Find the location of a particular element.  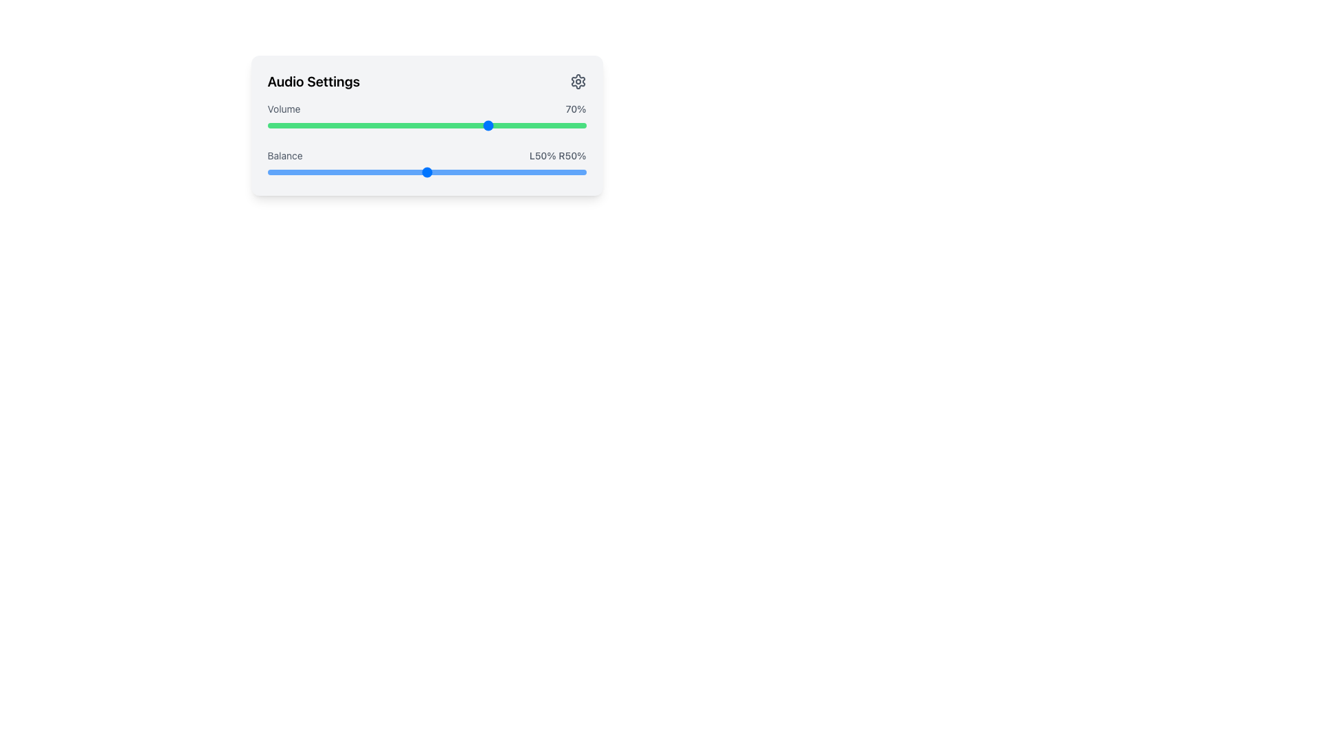

the volume level is located at coordinates (311, 125).